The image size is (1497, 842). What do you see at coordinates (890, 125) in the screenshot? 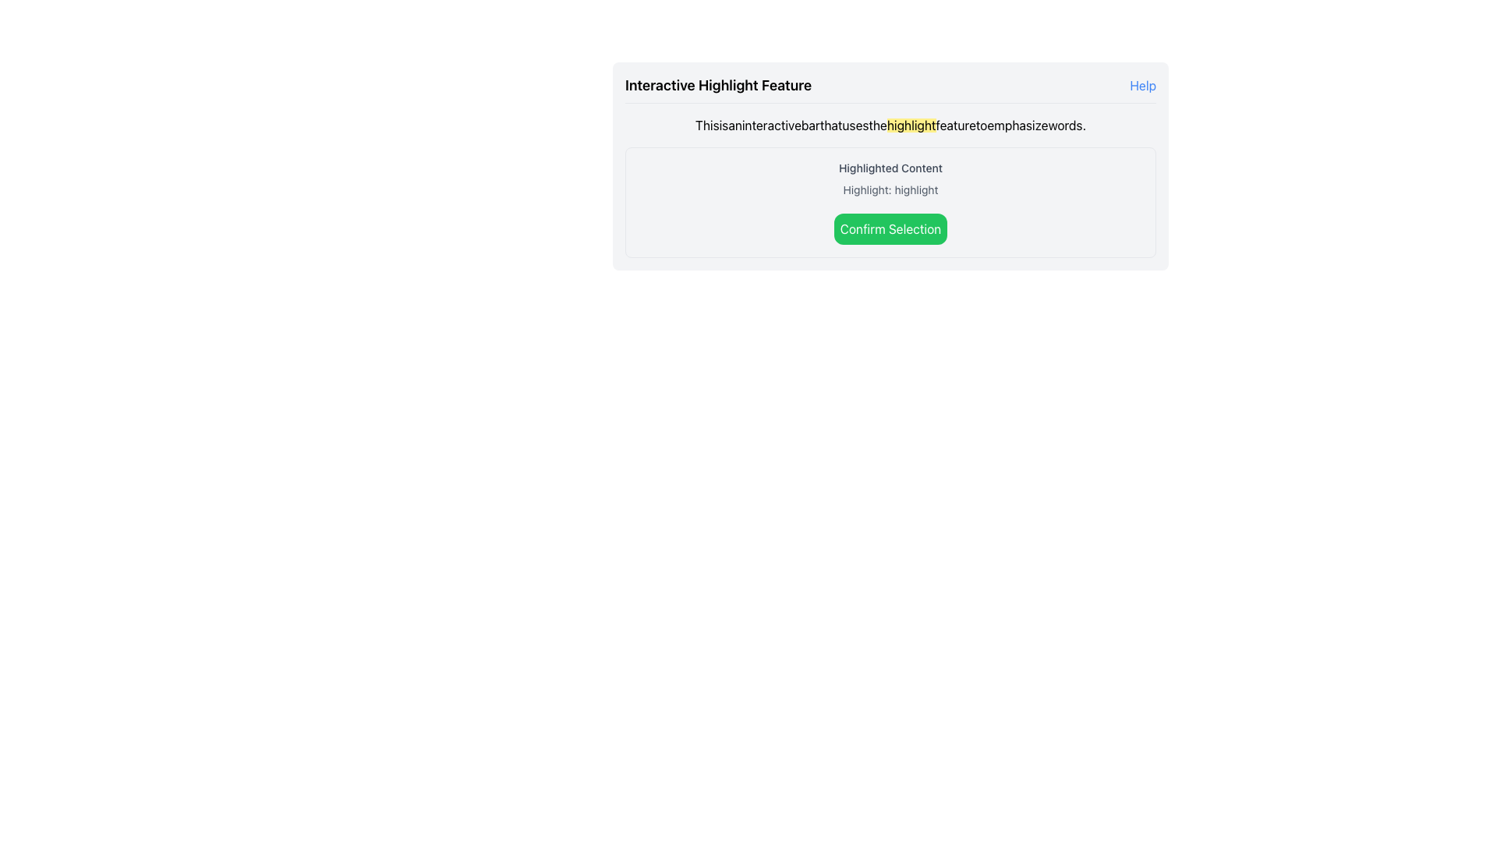
I see `the text block that reads 'This is an interactive bar that uses the highlight feature to emphasize words. Action', which has the word 'highlight' emphasized with a yellow background, positioned below 'Interactive Highlight Feature' and above 'Highlighted Content'` at bounding box center [890, 125].